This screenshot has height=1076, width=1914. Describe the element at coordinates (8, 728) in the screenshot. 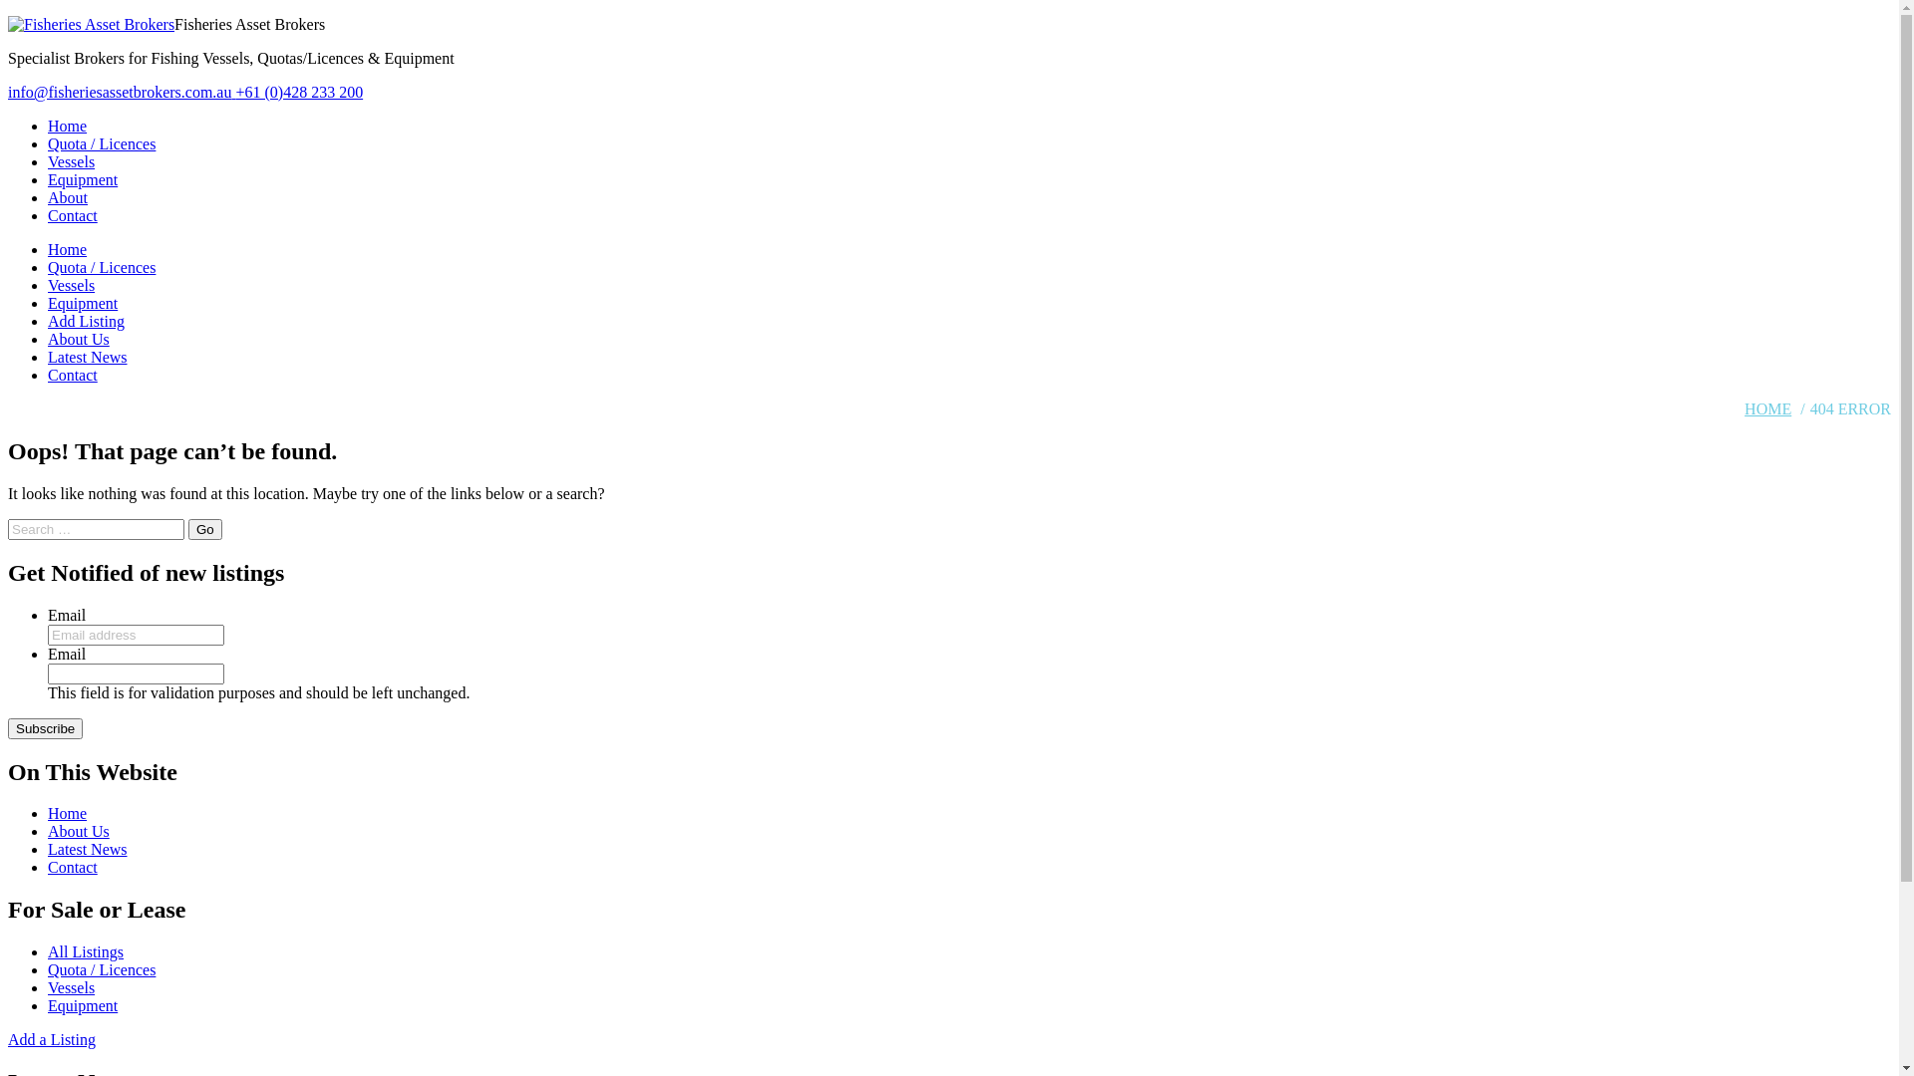

I see `'Subscribe'` at that location.